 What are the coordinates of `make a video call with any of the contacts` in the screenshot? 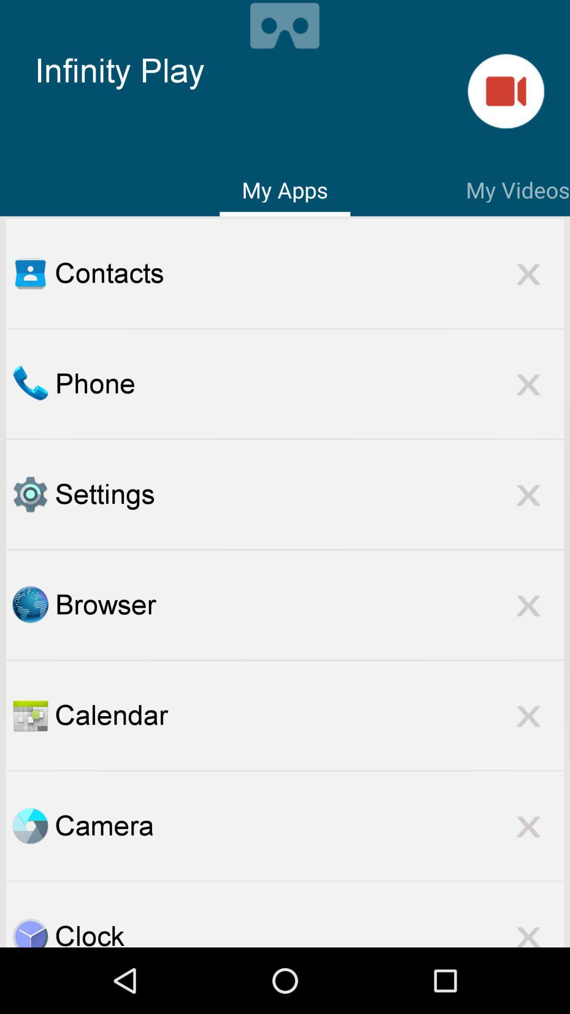 It's located at (505, 91).